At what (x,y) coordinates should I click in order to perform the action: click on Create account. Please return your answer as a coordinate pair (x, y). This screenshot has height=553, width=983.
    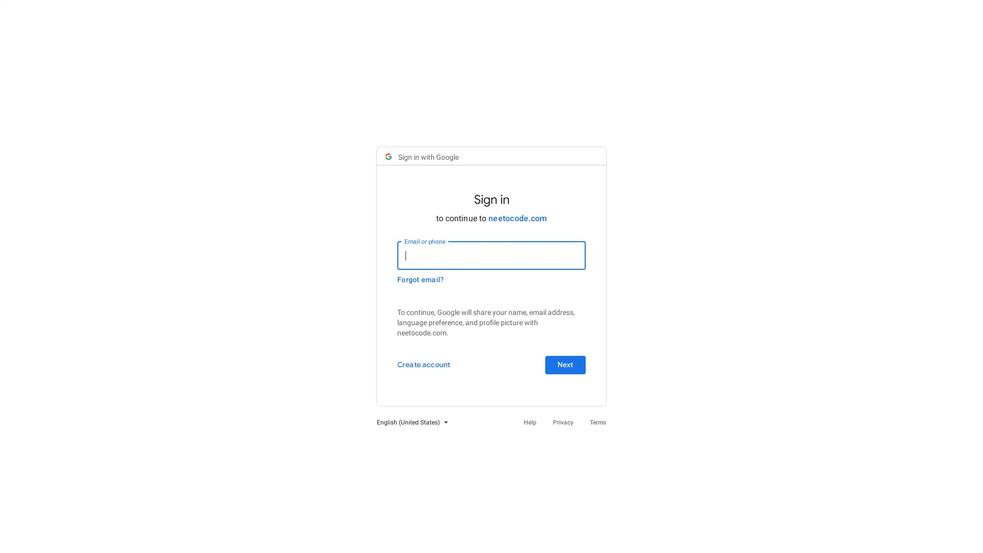
    Looking at the image, I should click on (423, 365).